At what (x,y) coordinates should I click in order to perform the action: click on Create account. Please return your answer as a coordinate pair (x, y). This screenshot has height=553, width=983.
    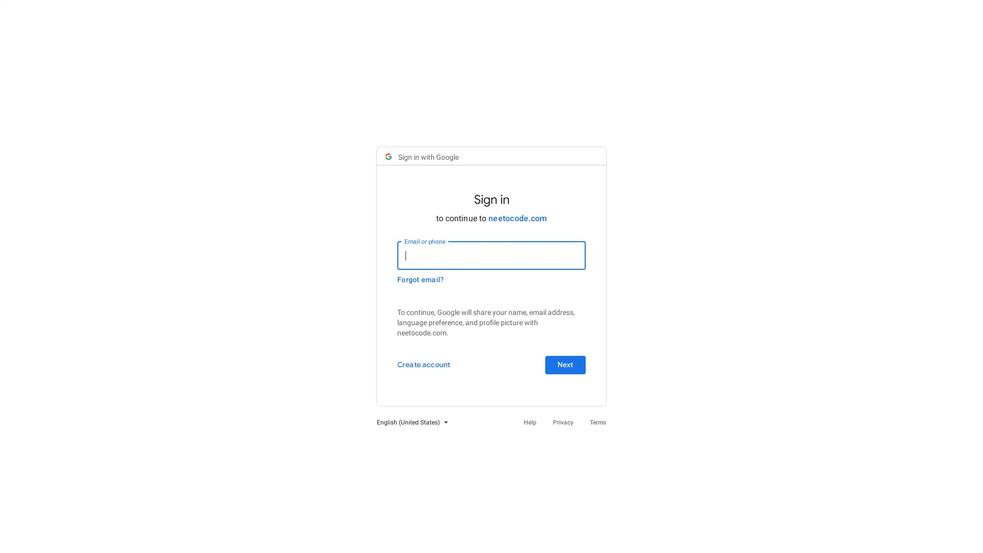
    Looking at the image, I should click on (423, 365).